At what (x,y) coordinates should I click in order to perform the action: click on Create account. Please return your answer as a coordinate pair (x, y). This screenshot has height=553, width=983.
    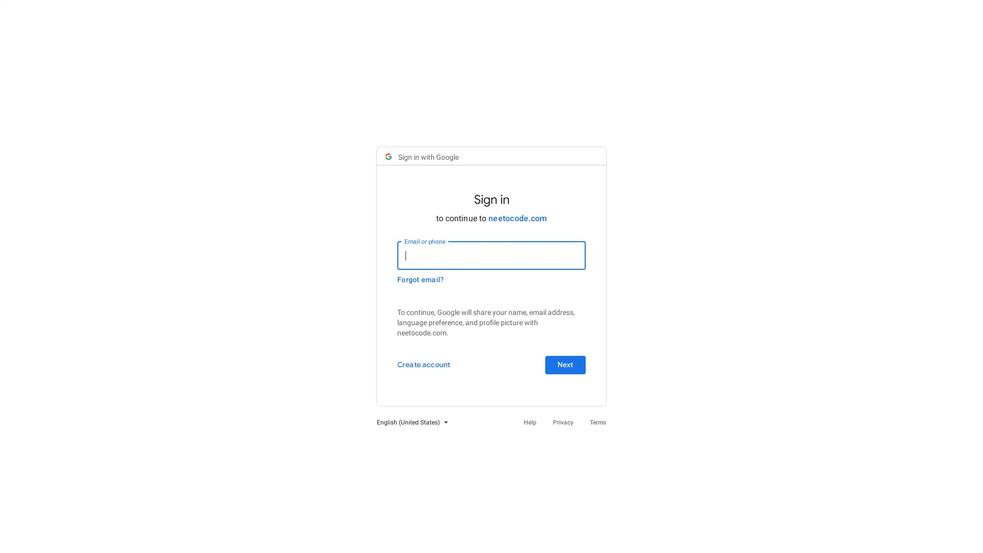
    Looking at the image, I should click on (423, 365).